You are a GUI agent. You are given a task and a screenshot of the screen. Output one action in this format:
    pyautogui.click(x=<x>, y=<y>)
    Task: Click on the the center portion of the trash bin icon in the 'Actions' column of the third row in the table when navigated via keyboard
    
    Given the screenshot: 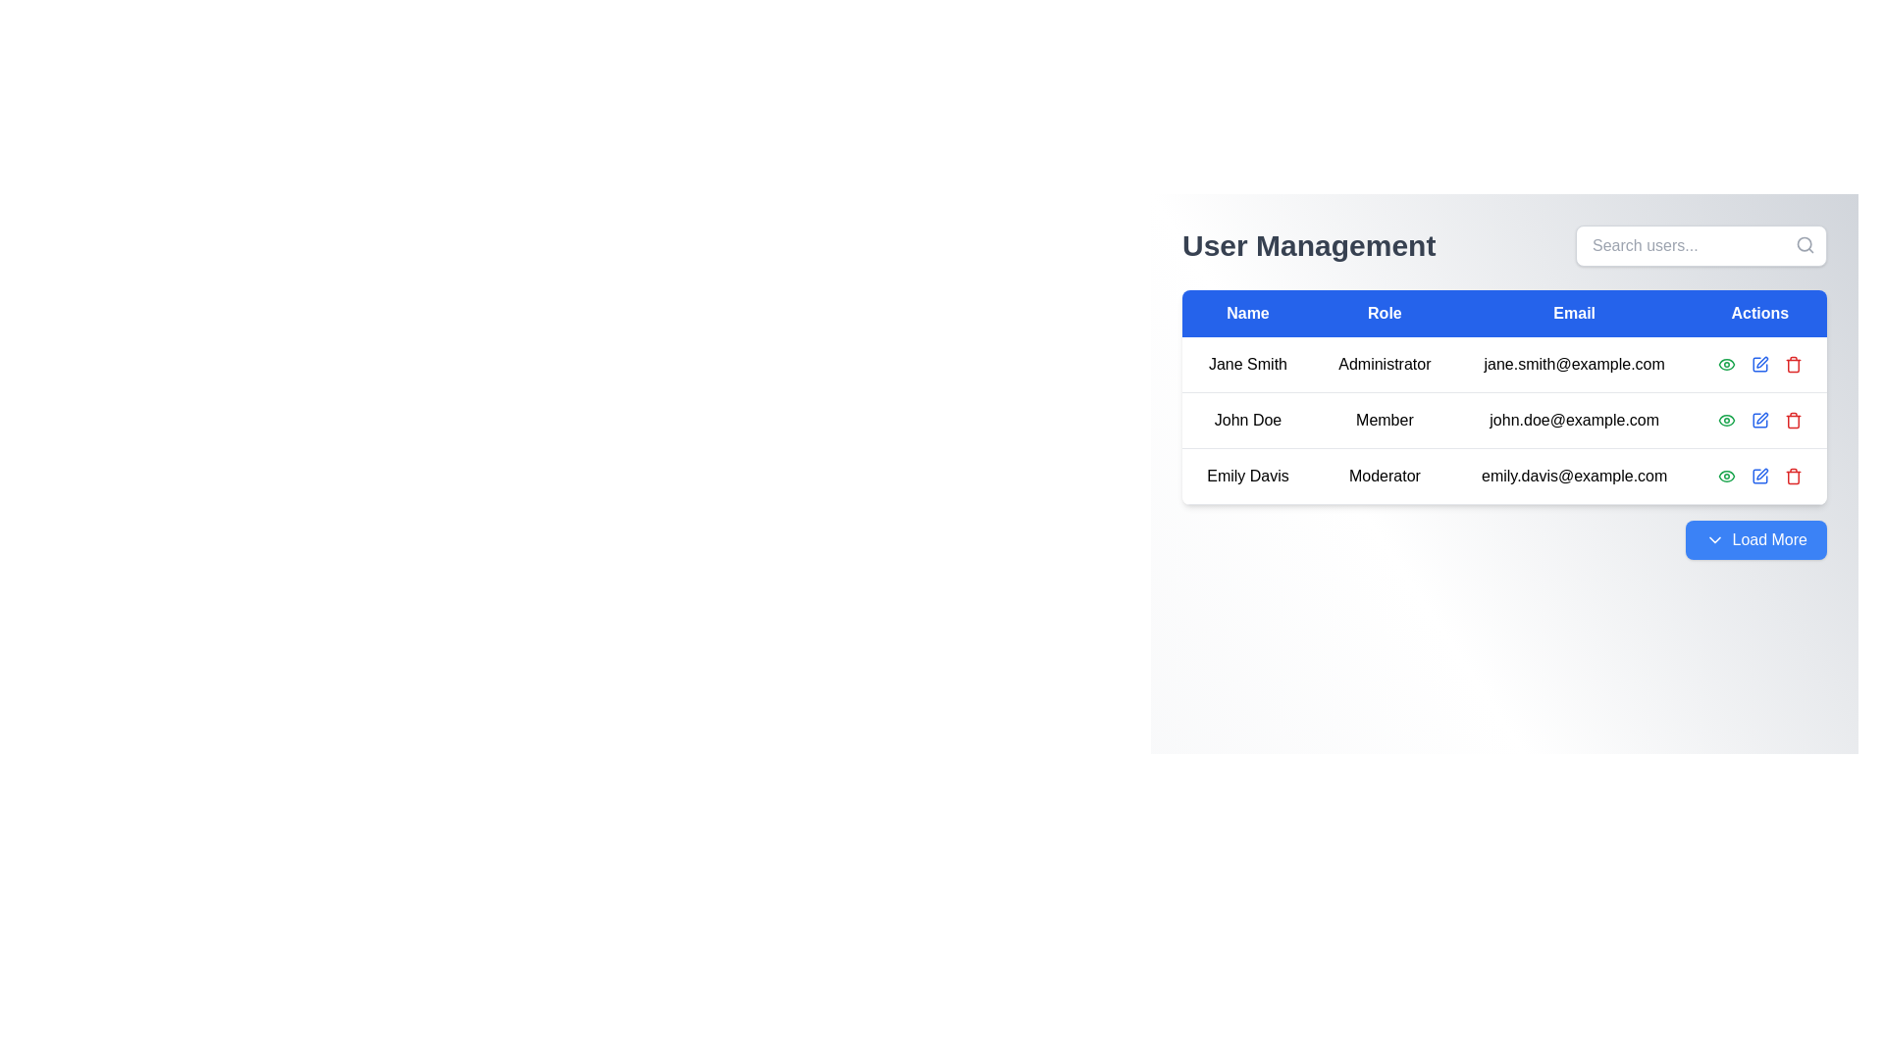 What is the action you would take?
    pyautogui.click(x=1793, y=478)
    